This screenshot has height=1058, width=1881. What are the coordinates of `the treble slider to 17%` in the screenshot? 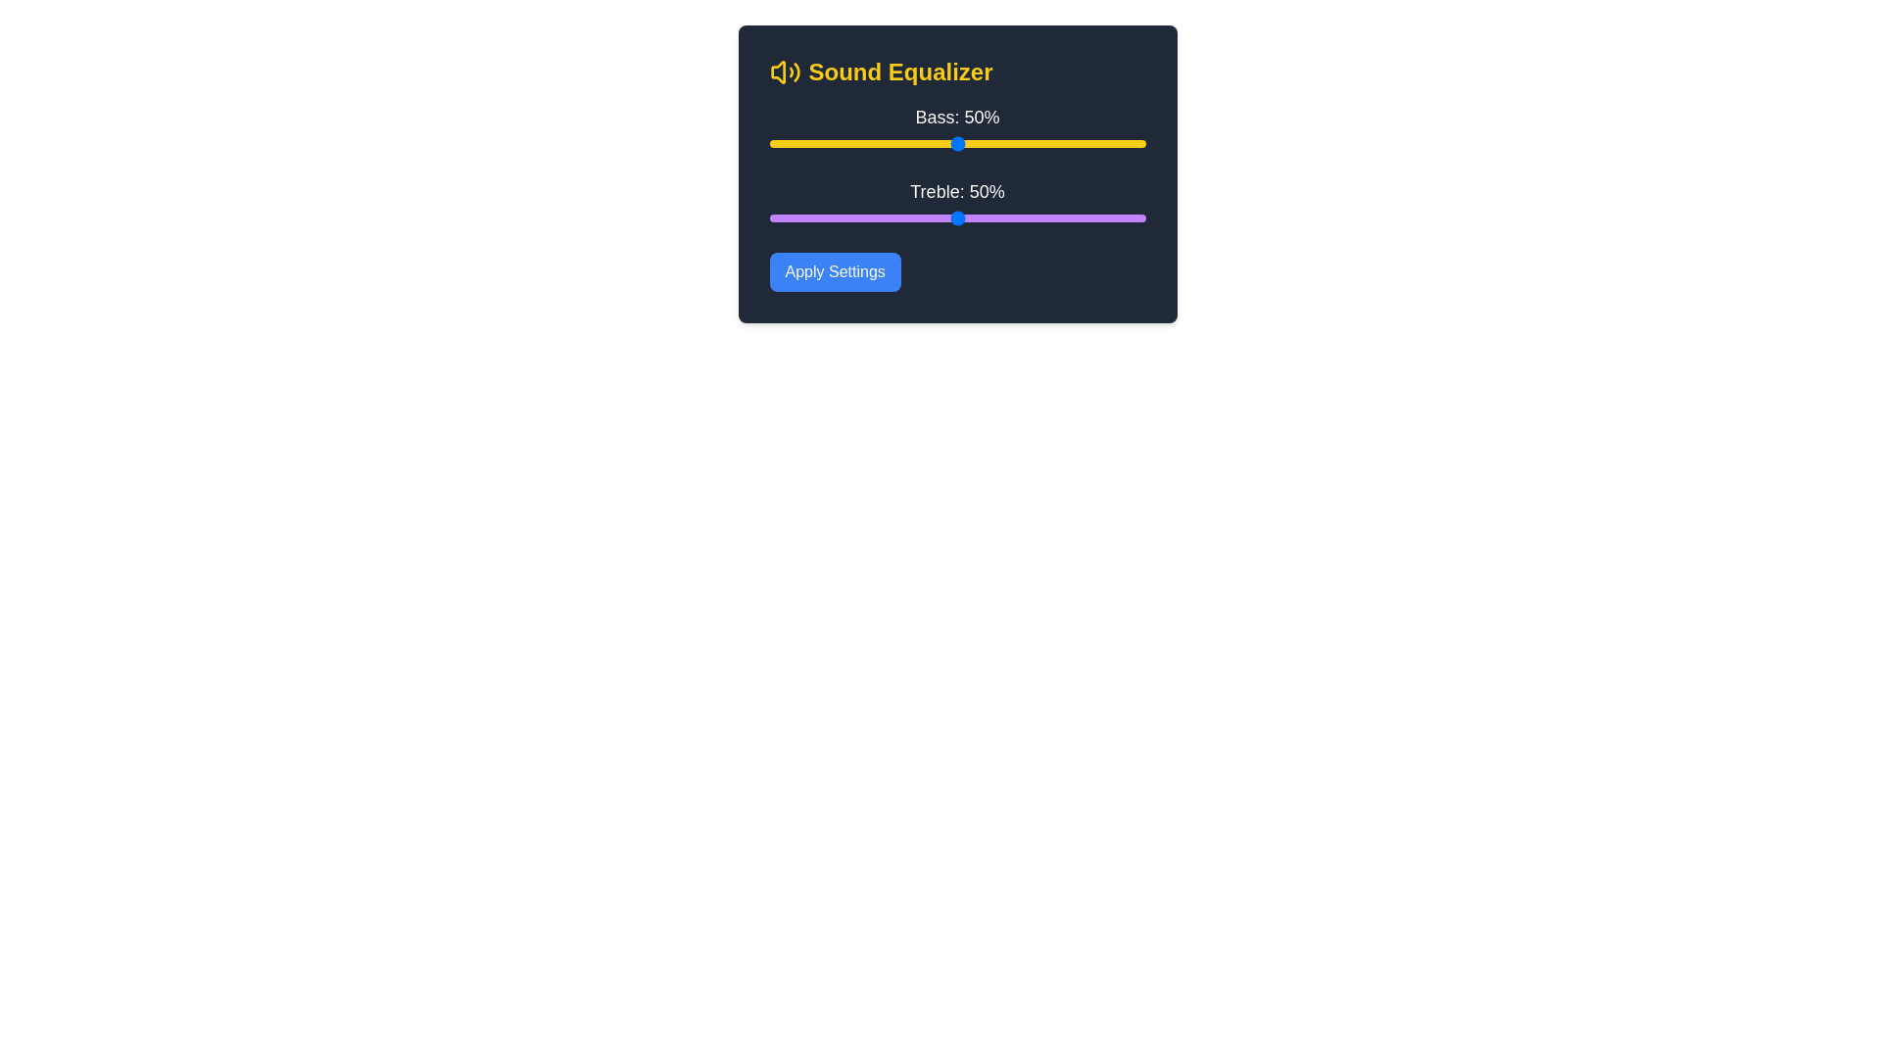 It's located at (833, 218).